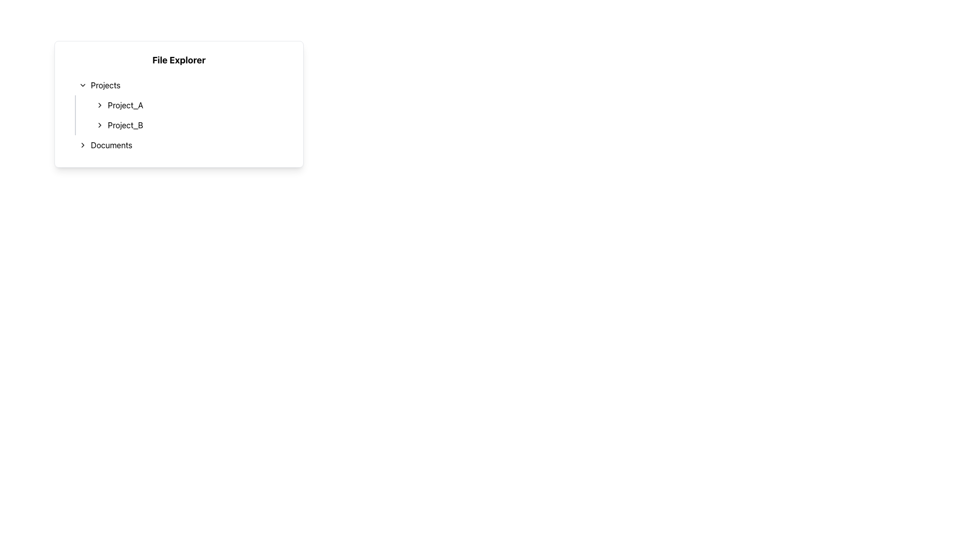  I want to click on the interactive toggle icon, so click(100, 105).